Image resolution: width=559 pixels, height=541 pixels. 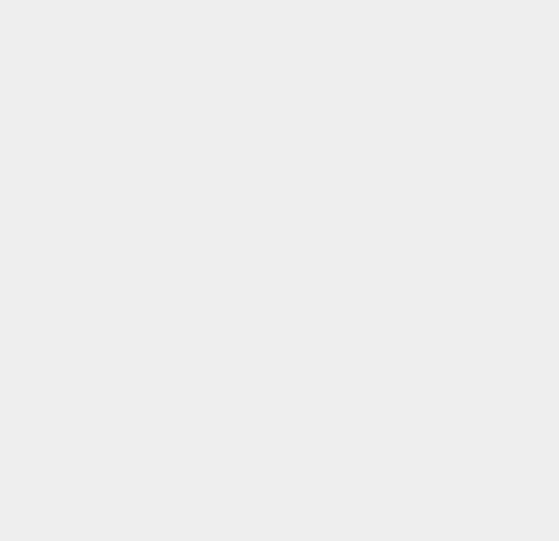 What do you see at coordinates (416, 506) in the screenshot?
I see `'PlayStation 4'` at bounding box center [416, 506].